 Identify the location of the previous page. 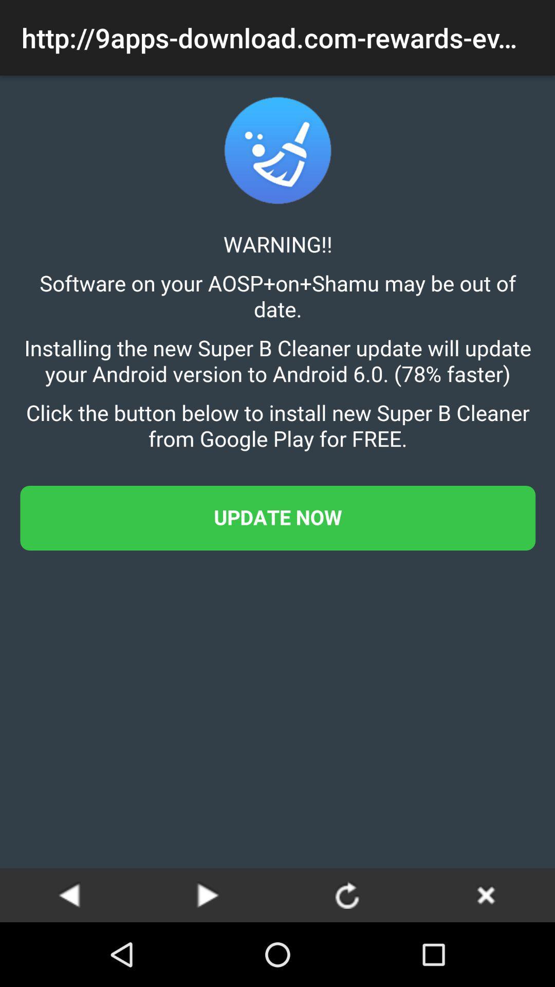
(69, 894).